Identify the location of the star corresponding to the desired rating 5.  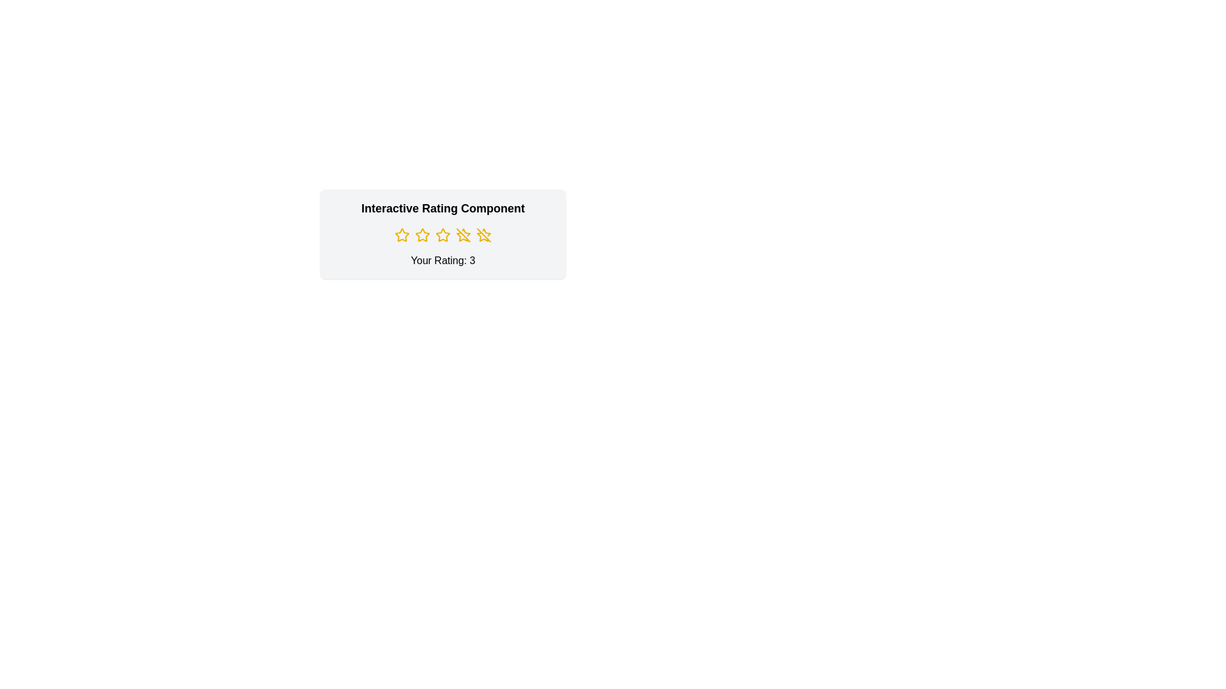
(483, 235).